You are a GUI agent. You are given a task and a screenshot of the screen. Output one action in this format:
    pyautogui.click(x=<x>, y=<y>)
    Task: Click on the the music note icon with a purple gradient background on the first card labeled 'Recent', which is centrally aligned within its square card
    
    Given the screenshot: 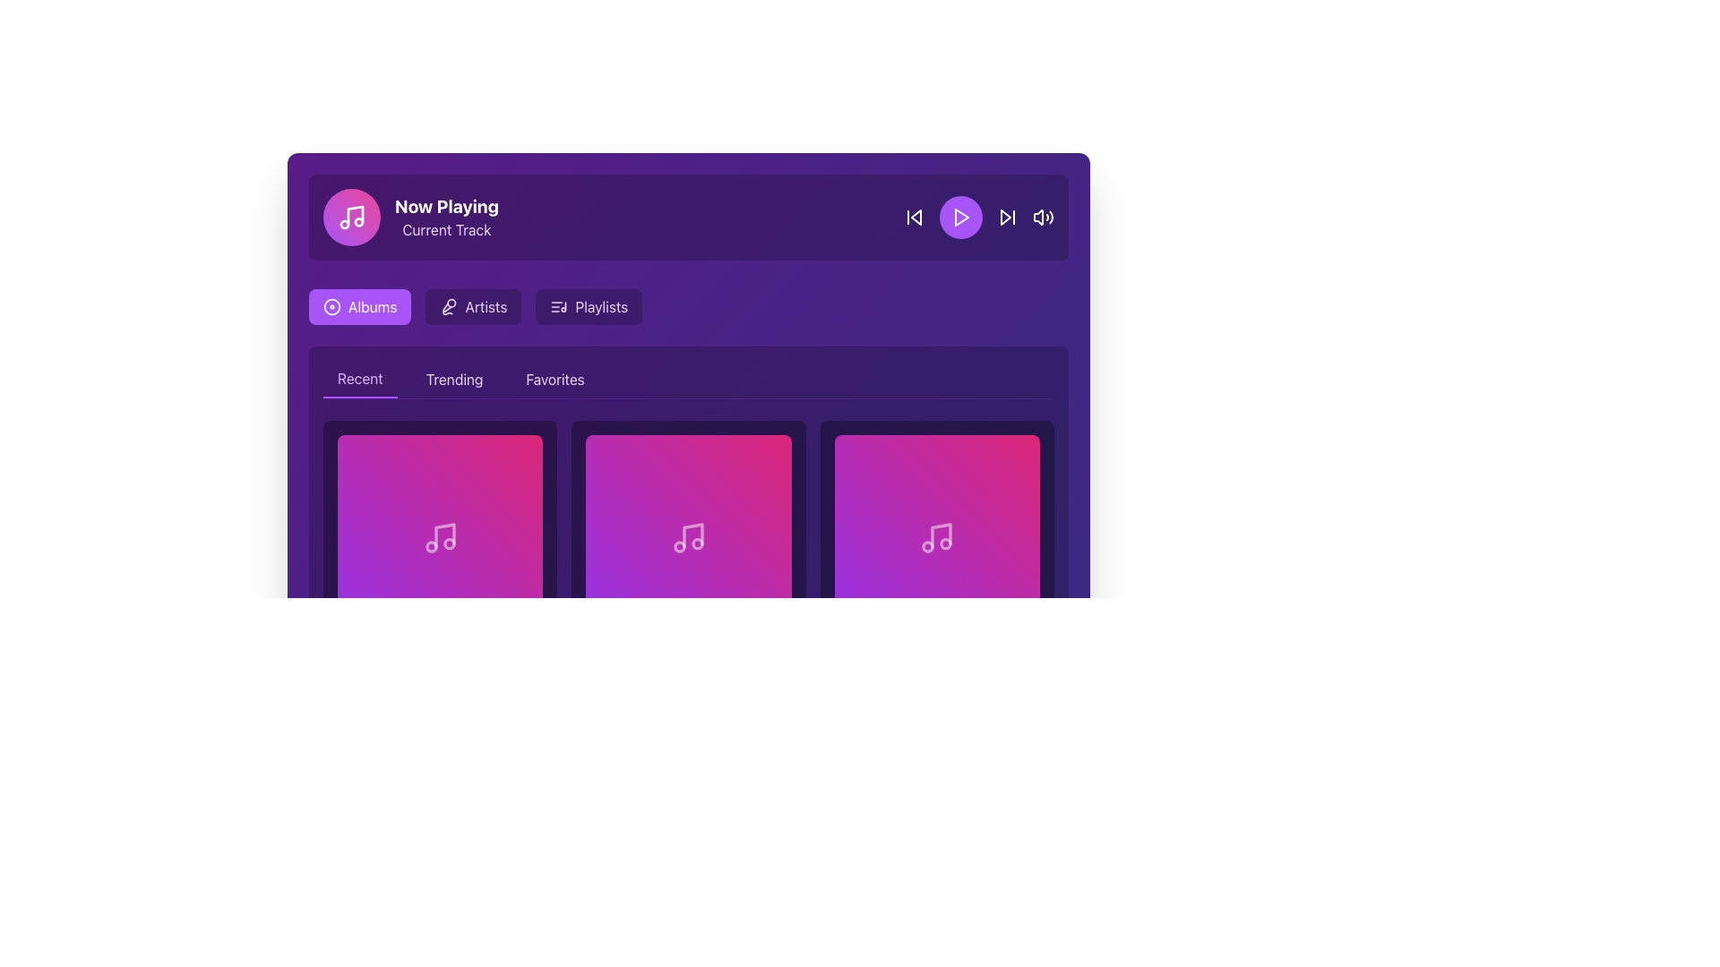 What is the action you would take?
    pyautogui.click(x=440, y=536)
    